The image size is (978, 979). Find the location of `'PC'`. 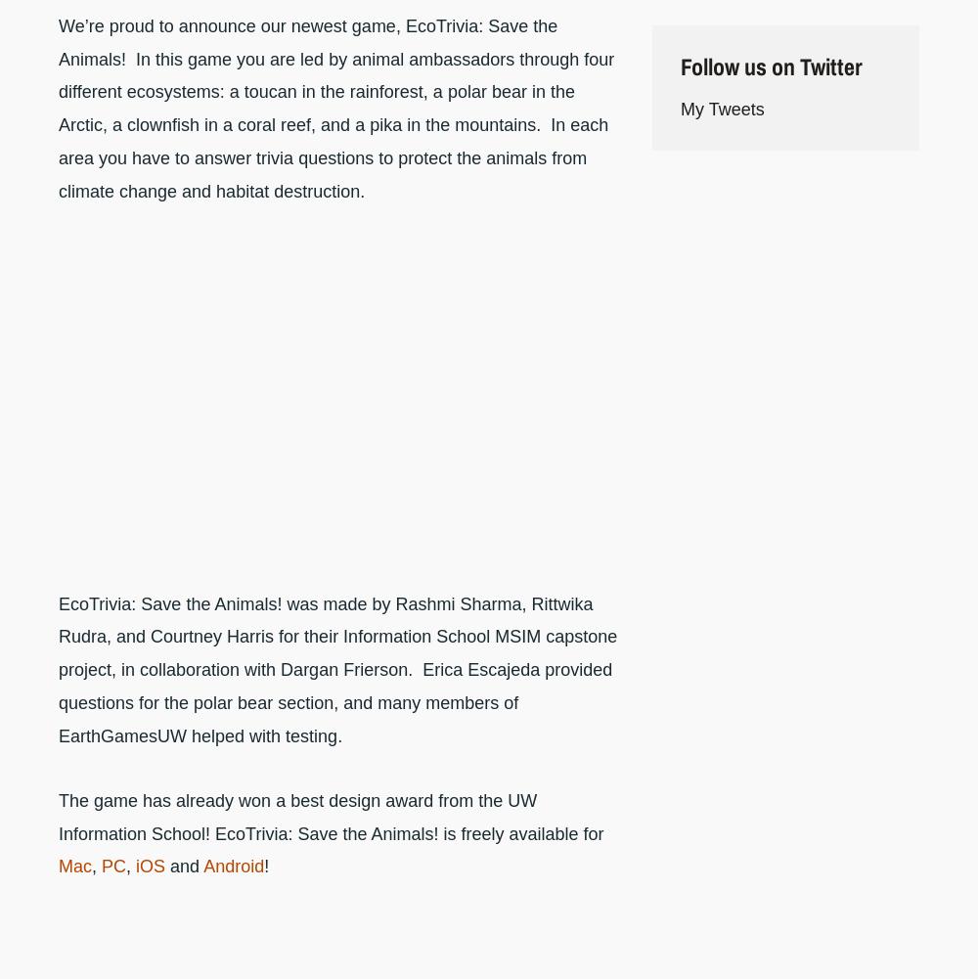

'PC' is located at coordinates (112, 866).